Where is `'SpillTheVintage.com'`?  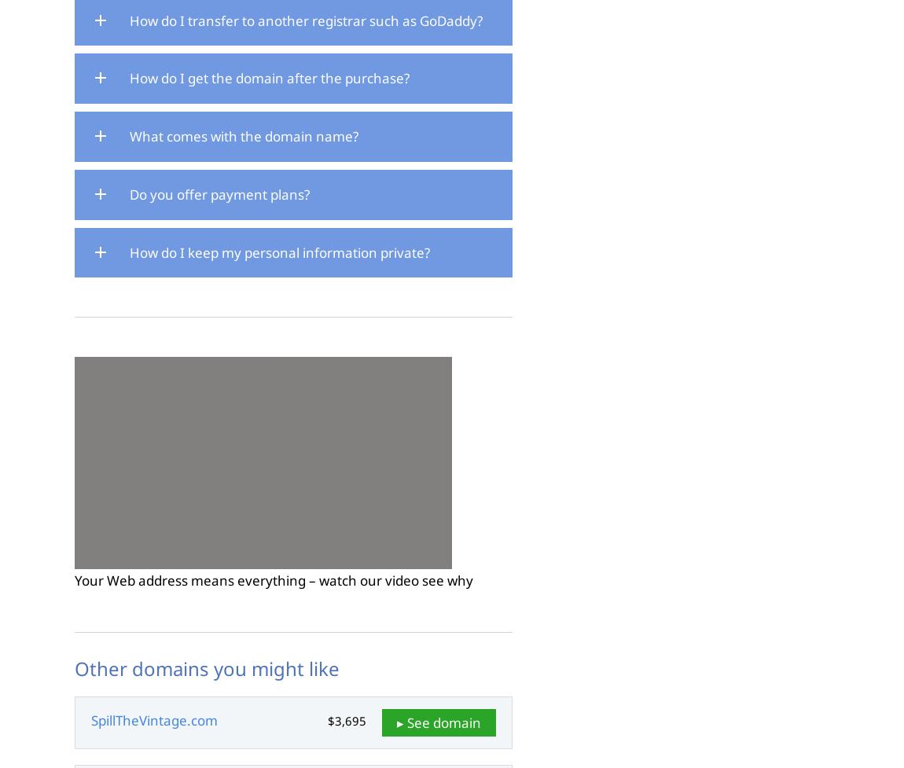
'SpillTheVintage.com' is located at coordinates (153, 719).